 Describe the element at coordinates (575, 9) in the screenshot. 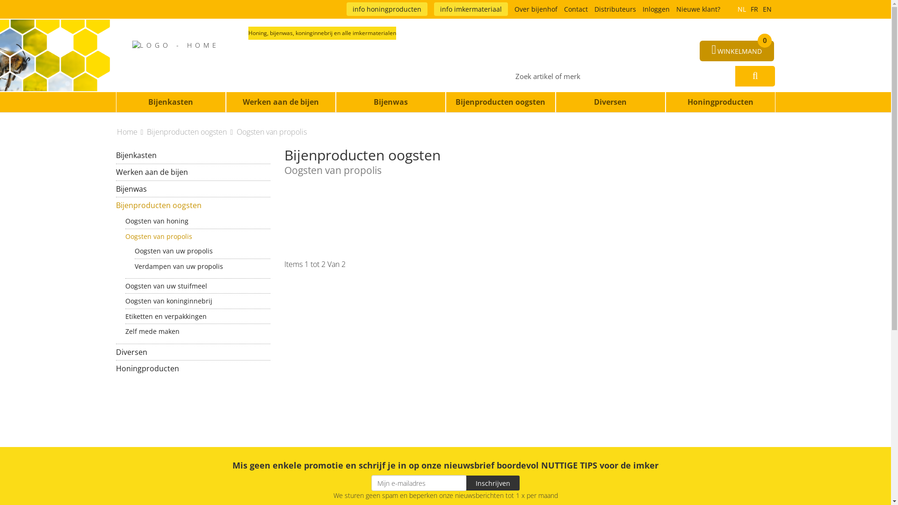

I see `'Contact'` at that location.